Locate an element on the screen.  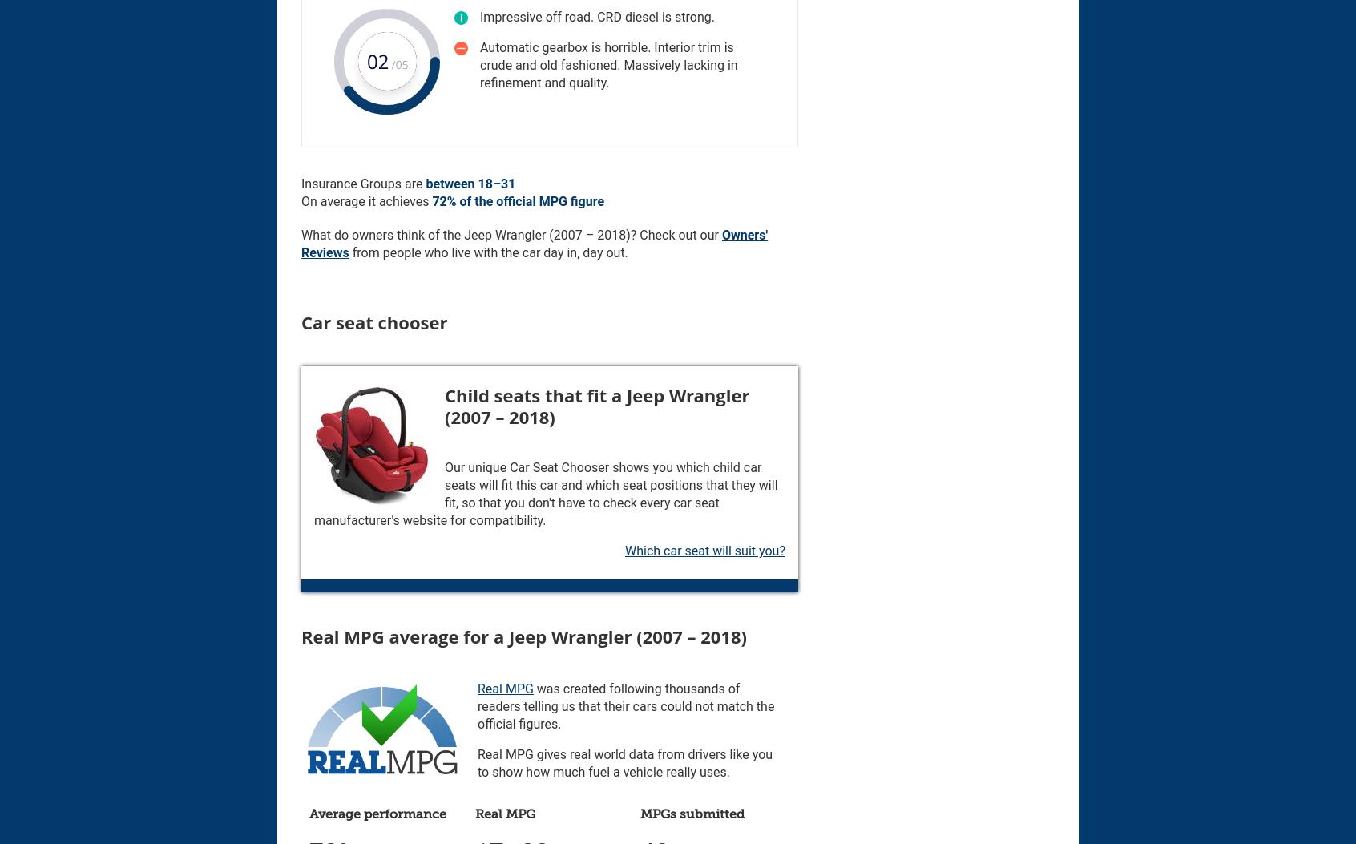
'Owners' Reviews' is located at coordinates (301, 244).